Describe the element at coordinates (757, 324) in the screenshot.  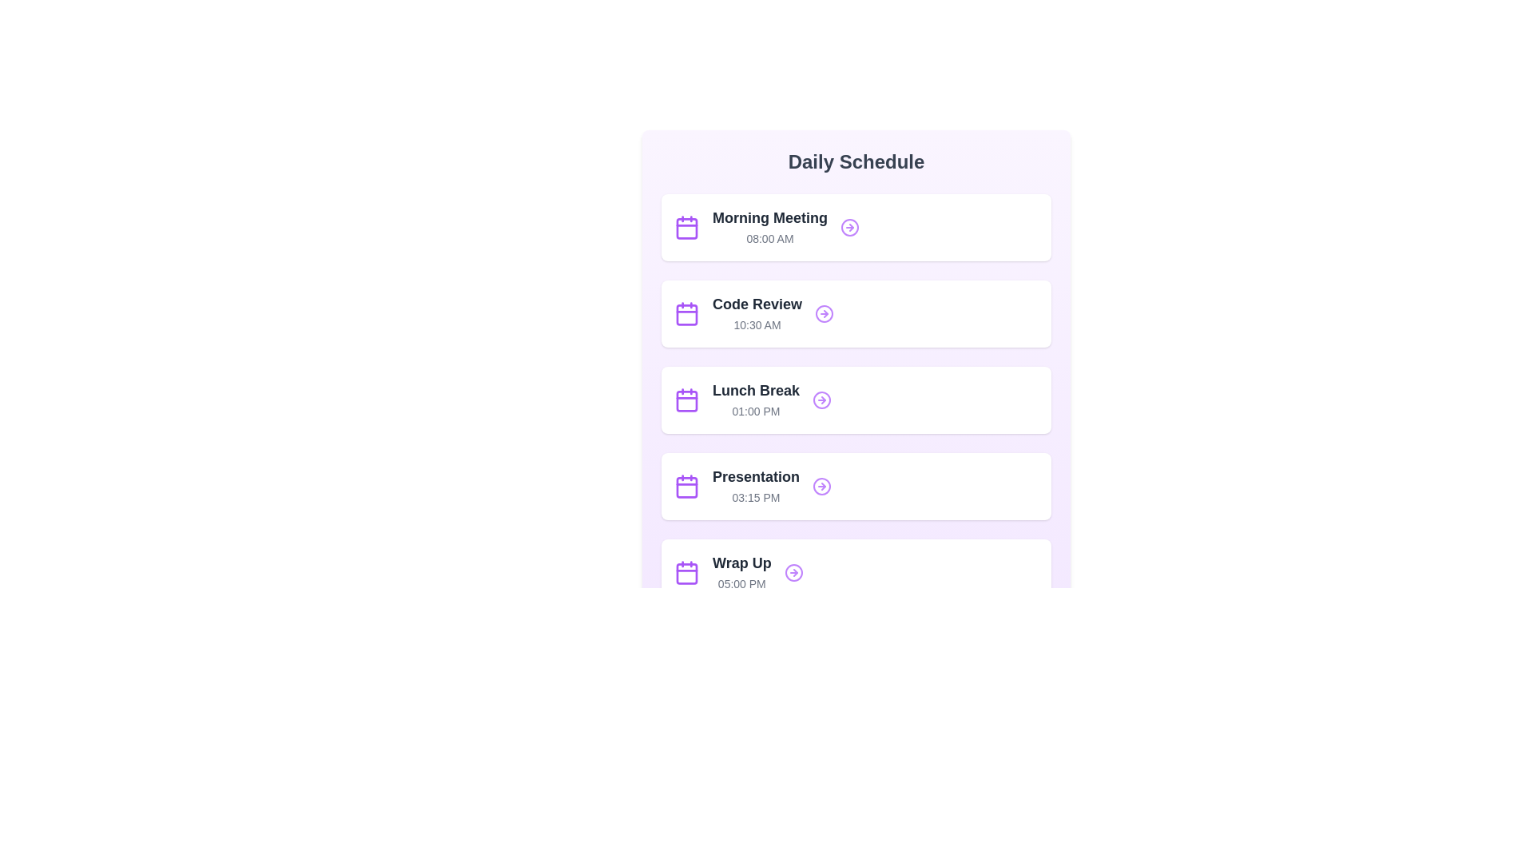
I see `the Text Label displaying the scheduled time for the 'Code Review' entry in the timetable, which is located below the 'Code Review' title` at that location.